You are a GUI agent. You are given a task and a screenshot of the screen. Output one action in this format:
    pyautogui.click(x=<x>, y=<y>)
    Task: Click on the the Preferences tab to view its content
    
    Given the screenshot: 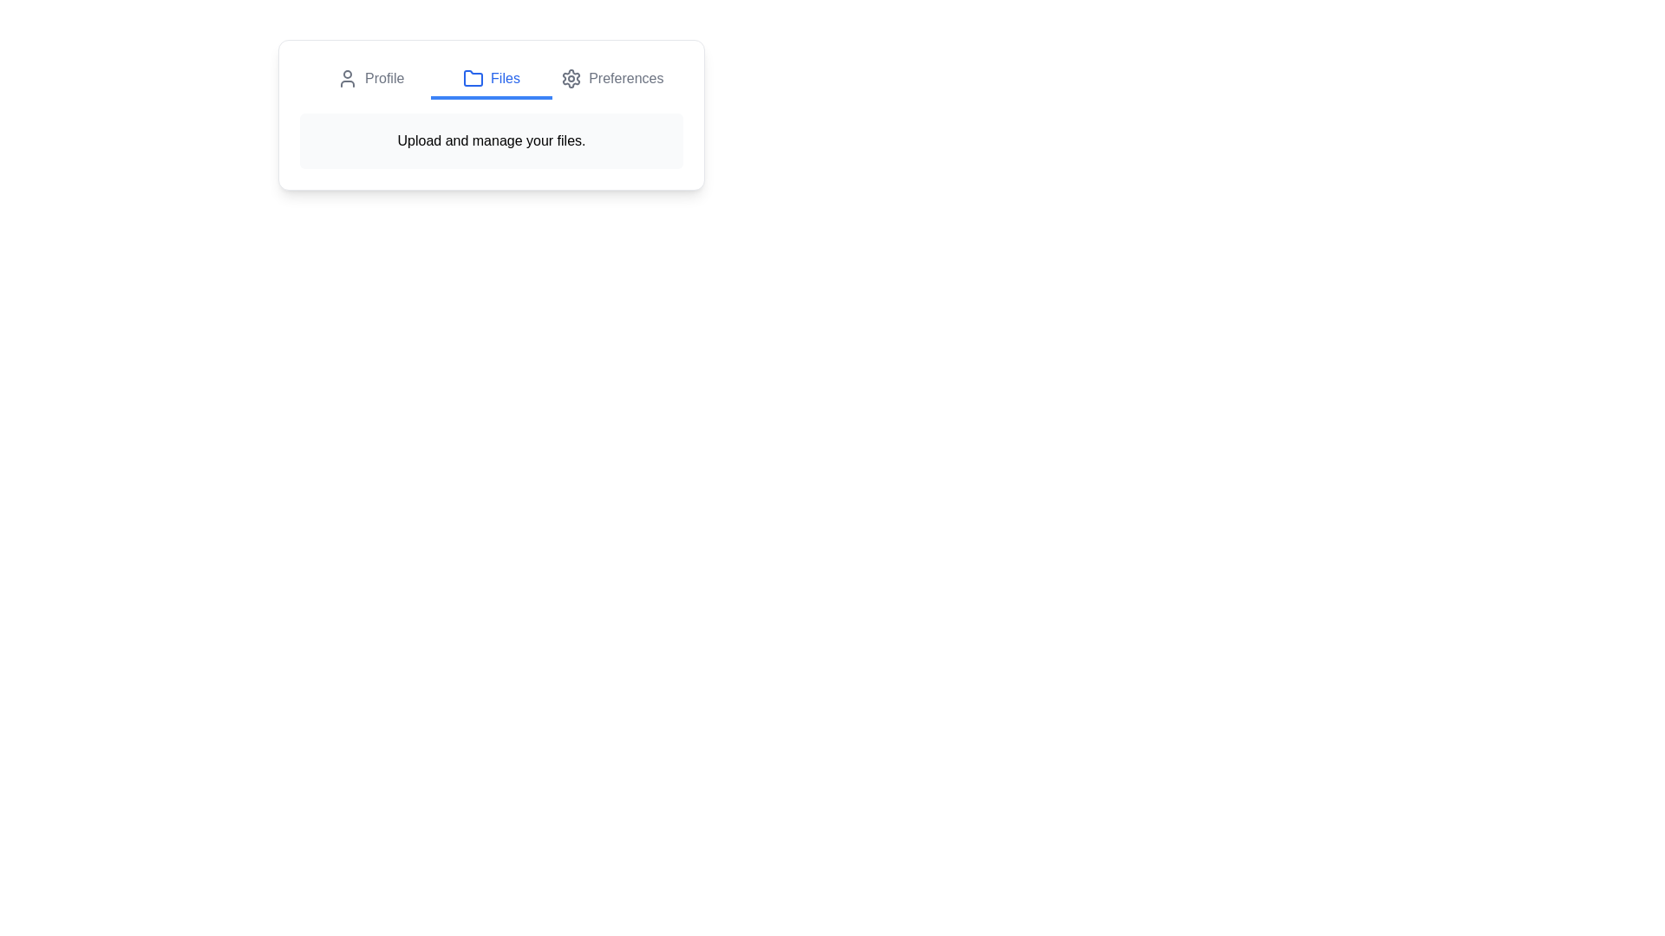 What is the action you would take?
    pyautogui.click(x=612, y=80)
    